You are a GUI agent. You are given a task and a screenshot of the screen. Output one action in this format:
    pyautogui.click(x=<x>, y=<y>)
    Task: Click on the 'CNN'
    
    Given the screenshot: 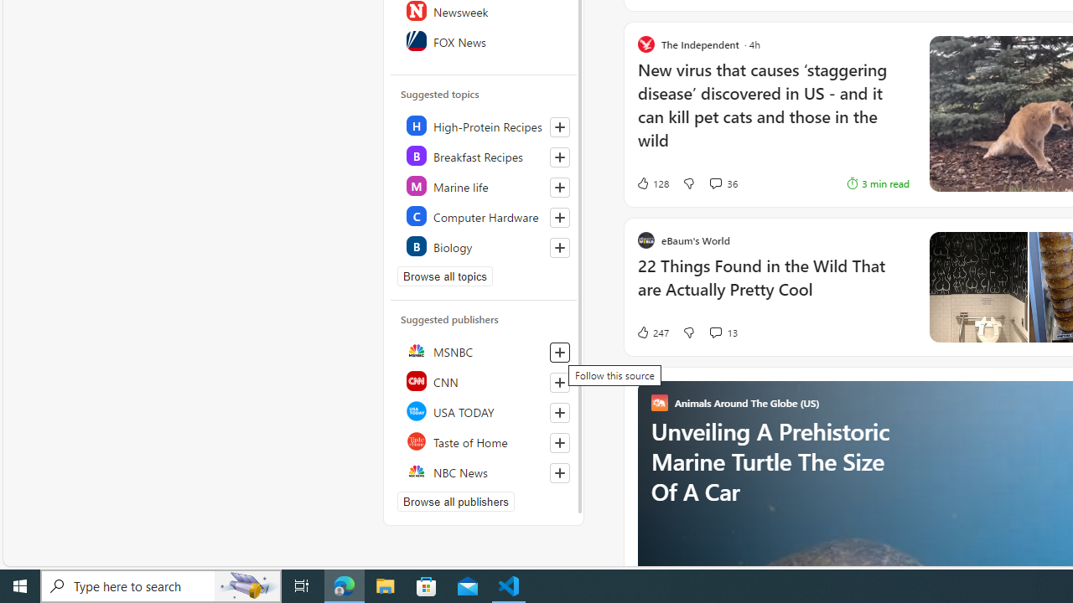 What is the action you would take?
    pyautogui.click(x=484, y=381)
    